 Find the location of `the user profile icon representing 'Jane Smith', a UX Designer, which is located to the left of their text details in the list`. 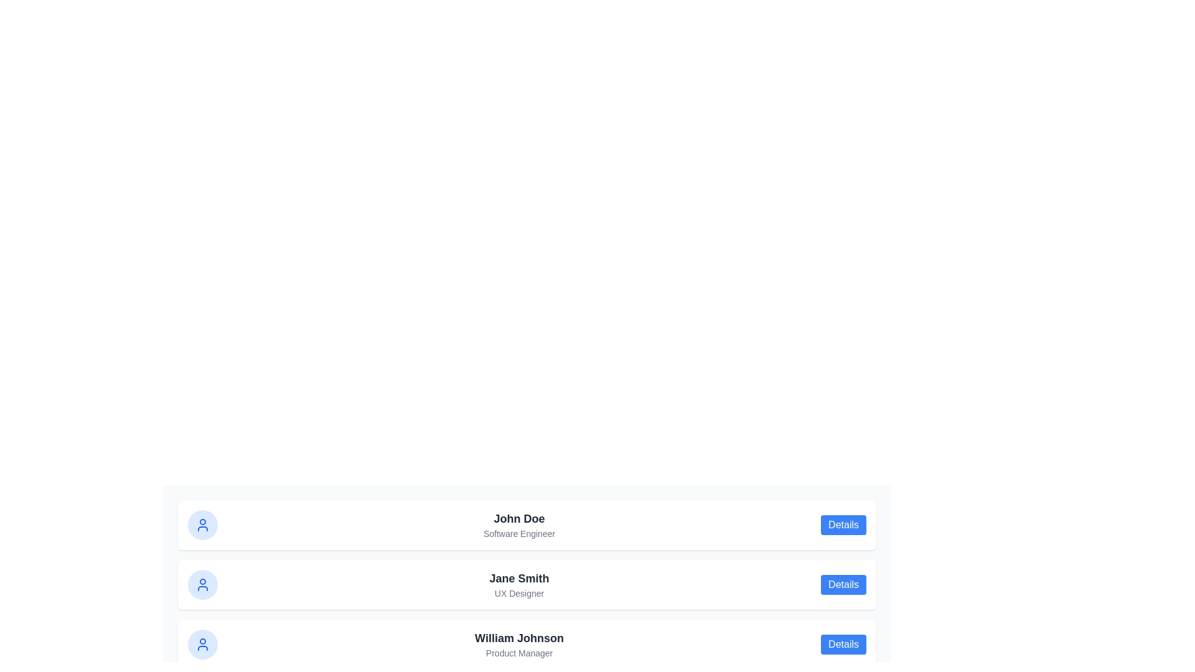

the user profile icon representing 'Jane Smith', a UX Designer, which is located to the left of their text details in the list is located at coordinates (203, 585).